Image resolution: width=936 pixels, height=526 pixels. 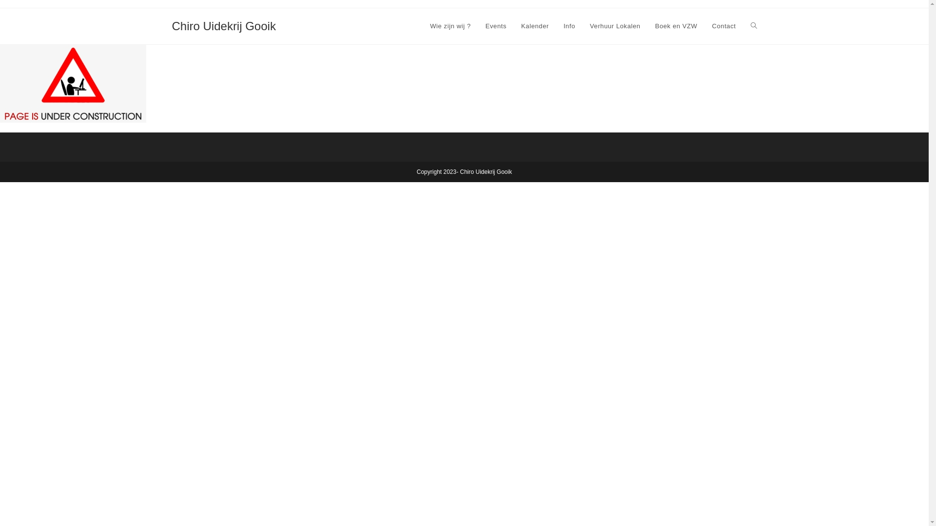 I want to click on 'Boek en VZW', so click(x=676, y=26).